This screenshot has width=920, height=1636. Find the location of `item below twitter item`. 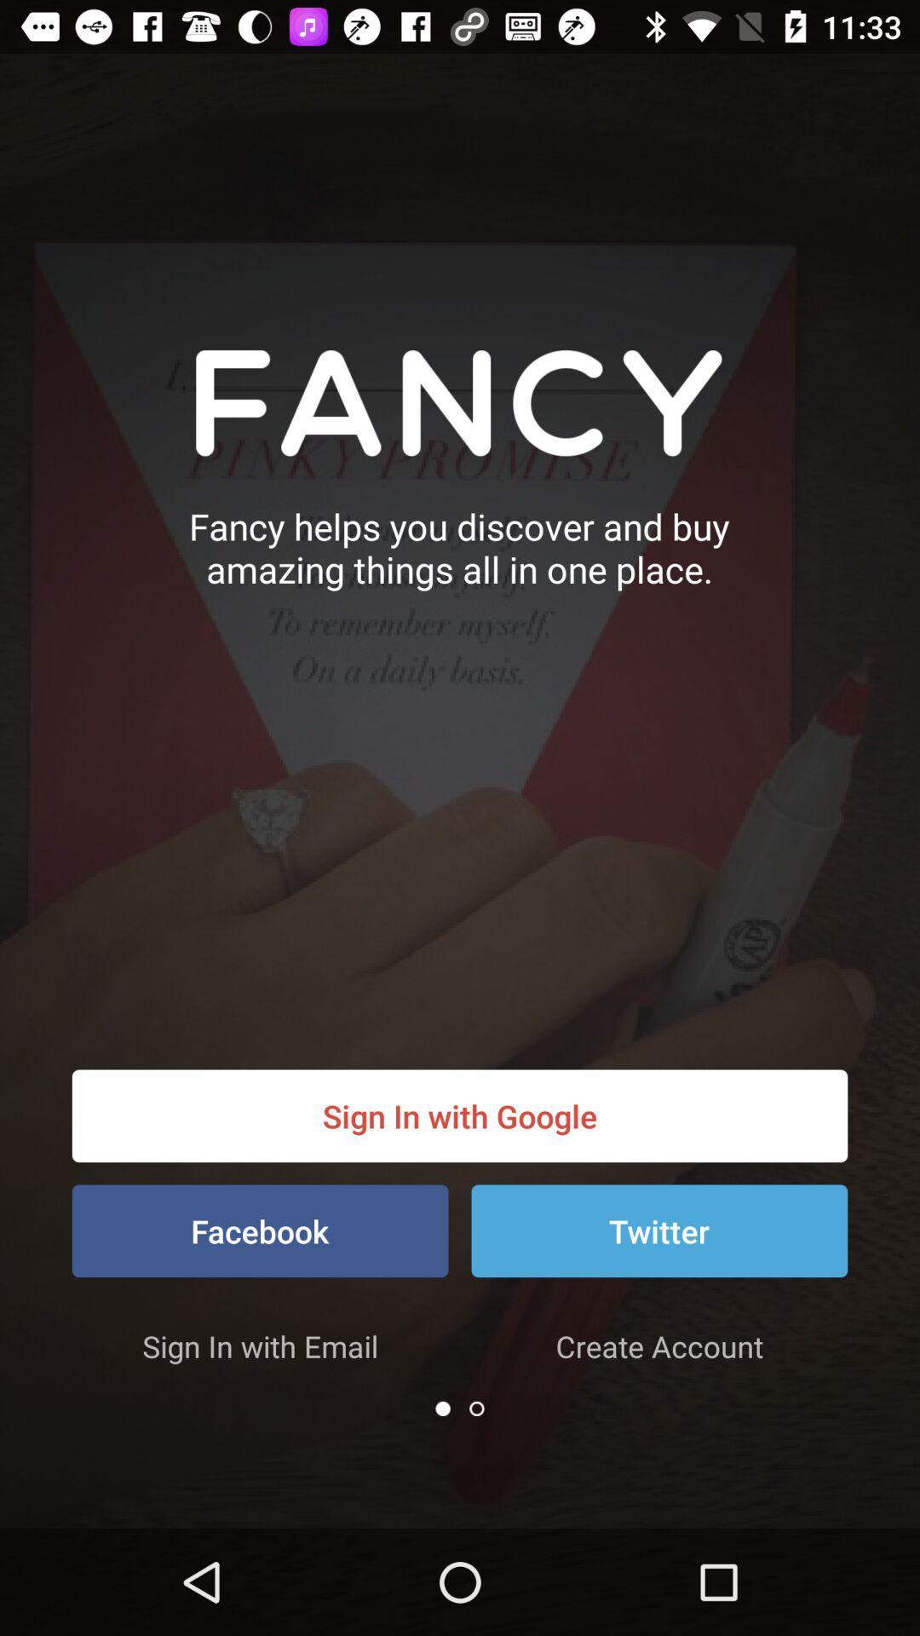

item below twitter item is located at coordinates (658, 1345).